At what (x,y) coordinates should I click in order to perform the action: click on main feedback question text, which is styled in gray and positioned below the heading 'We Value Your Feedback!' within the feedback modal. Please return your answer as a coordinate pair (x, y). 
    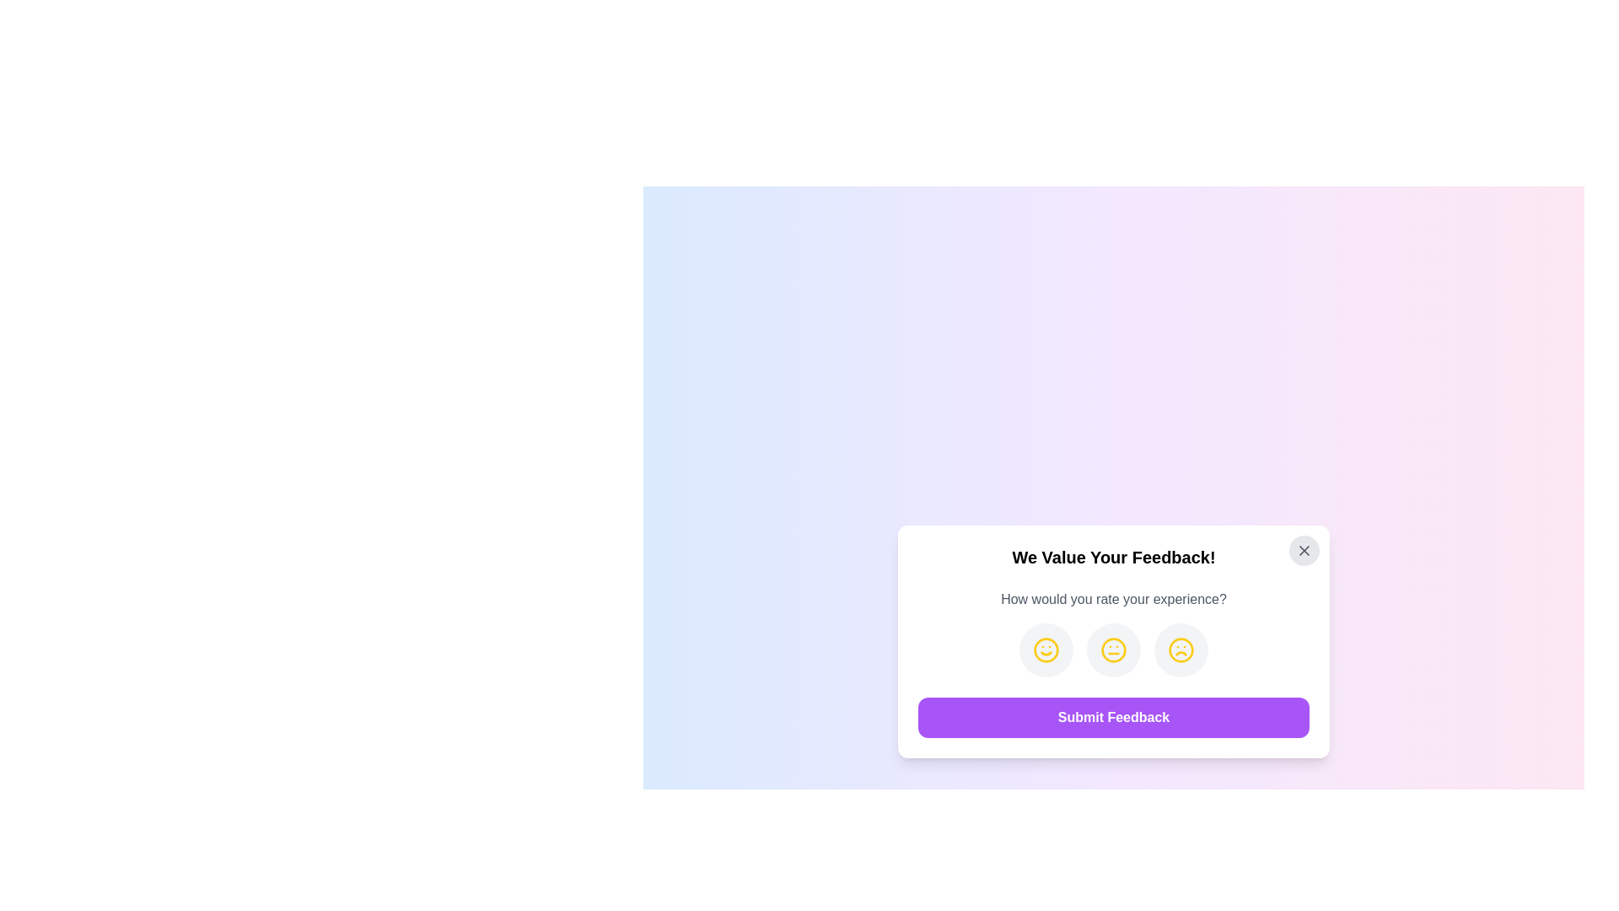
    Looking at the image, I should click on (1113, 598).